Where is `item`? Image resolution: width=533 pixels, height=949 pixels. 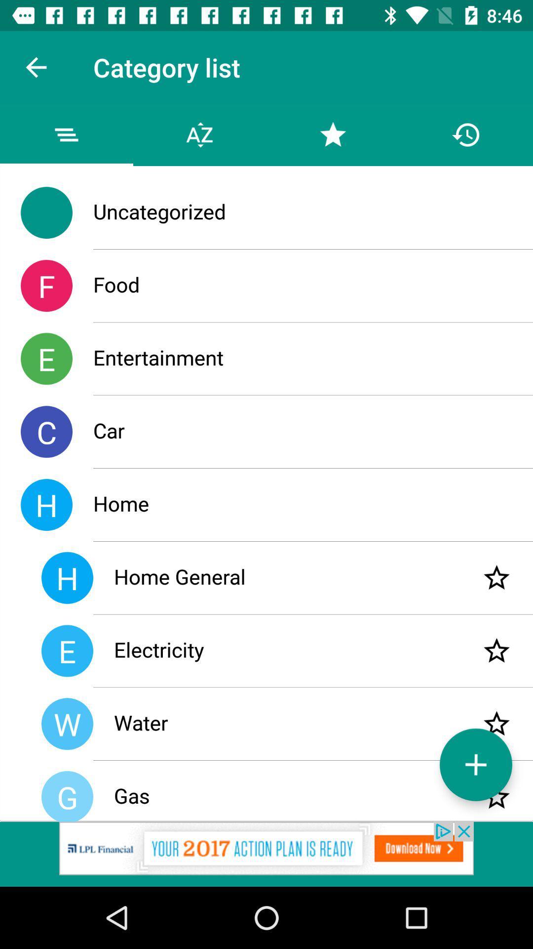 item is located at coordinates (496, 578).